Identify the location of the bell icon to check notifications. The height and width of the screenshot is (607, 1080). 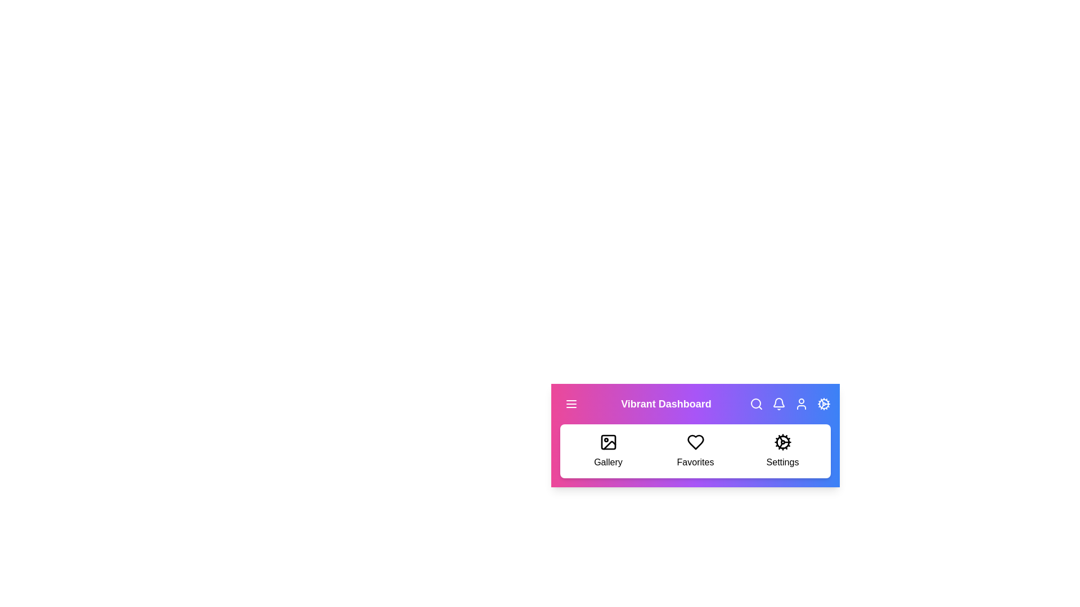
(778, 403).